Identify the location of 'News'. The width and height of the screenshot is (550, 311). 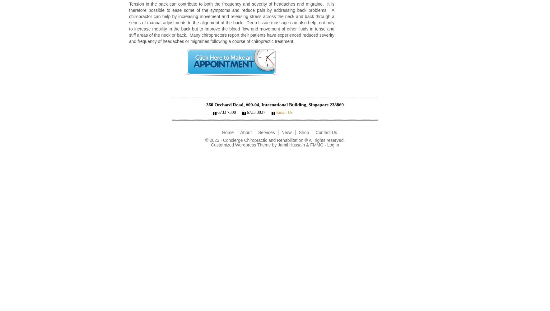
(286, 132).